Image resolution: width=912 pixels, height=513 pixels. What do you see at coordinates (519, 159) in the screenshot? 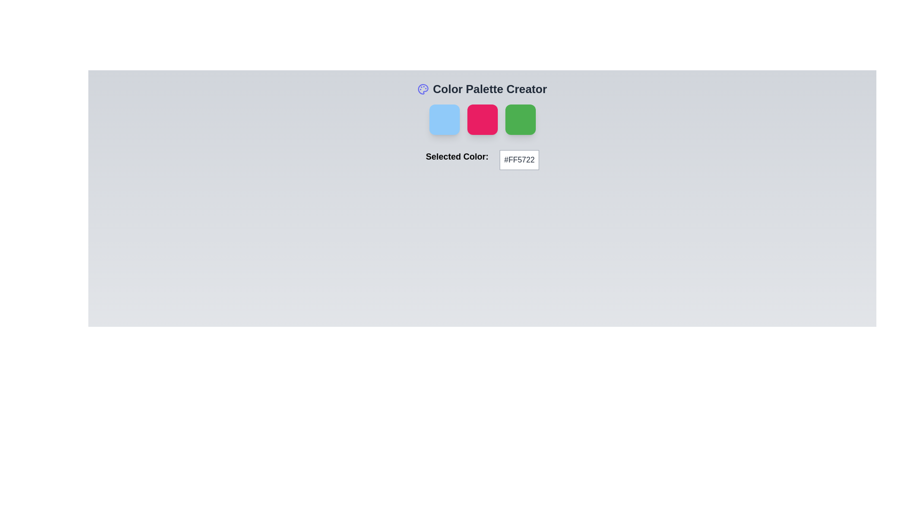
I see `the static text box that displays the hexadecimal representation of the selected color, located to the right of the 'Selected Color:' label` at bounding box center [519, 159].